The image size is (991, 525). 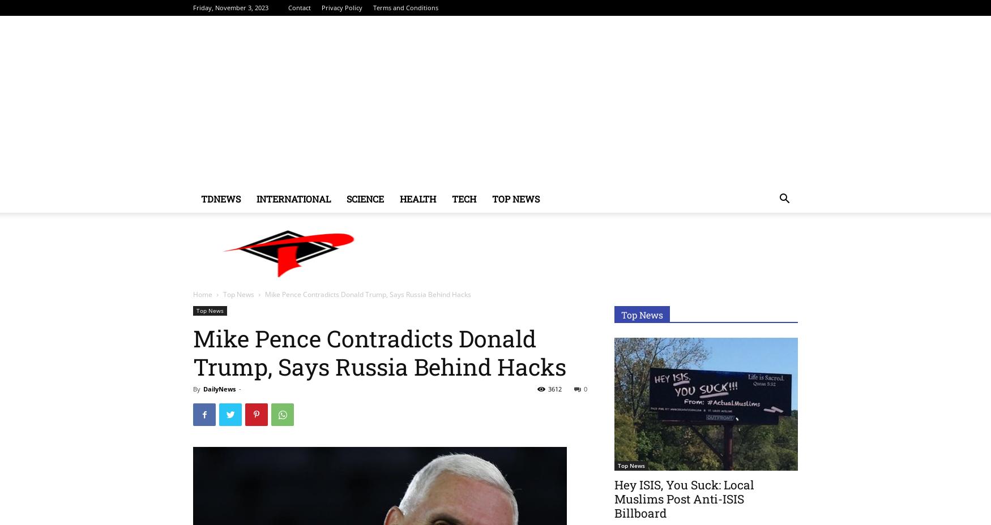 What do you see at coordinates (197, 389) in the screenshot?
I see `'By'` at bounding box center [197, 389].